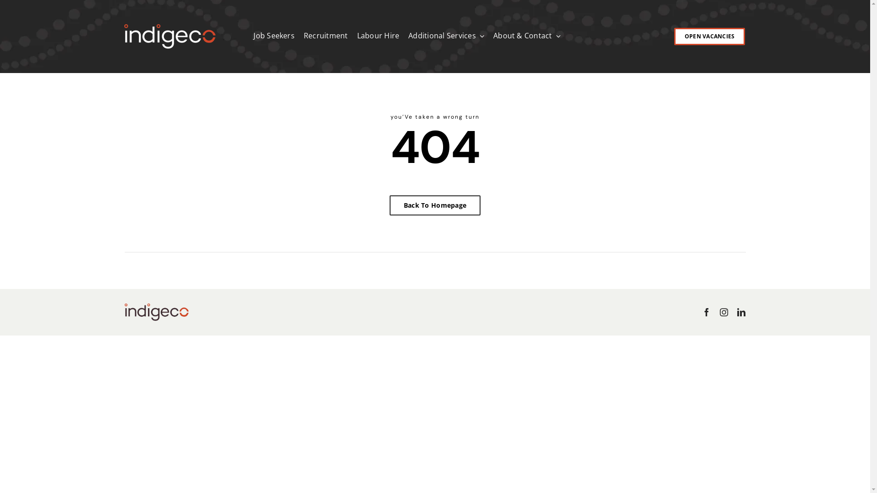 The image size is (877, 493). What do you see at coordinates (709, 36) in the screenshot?
I see `'OPEN VACANCIES'` at bounding box center [709, 36].